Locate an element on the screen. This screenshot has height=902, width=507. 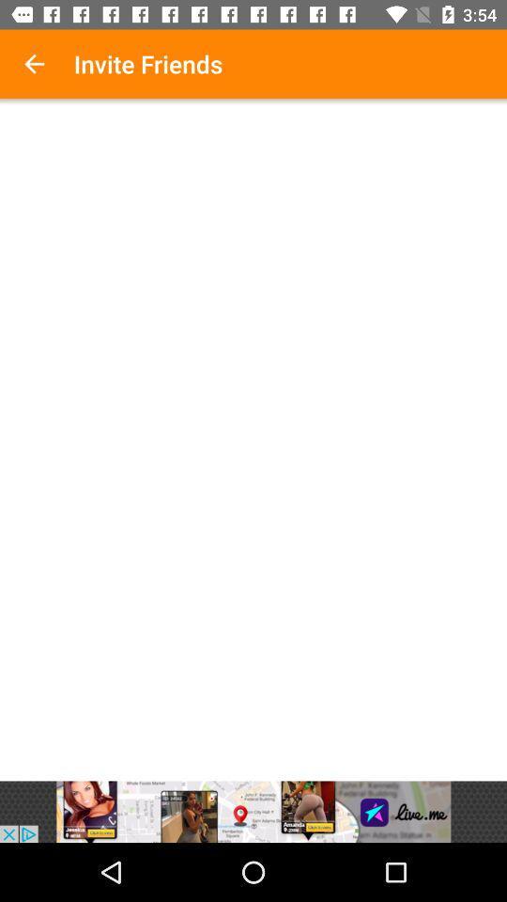
main page is located at coordinates (253, 443).